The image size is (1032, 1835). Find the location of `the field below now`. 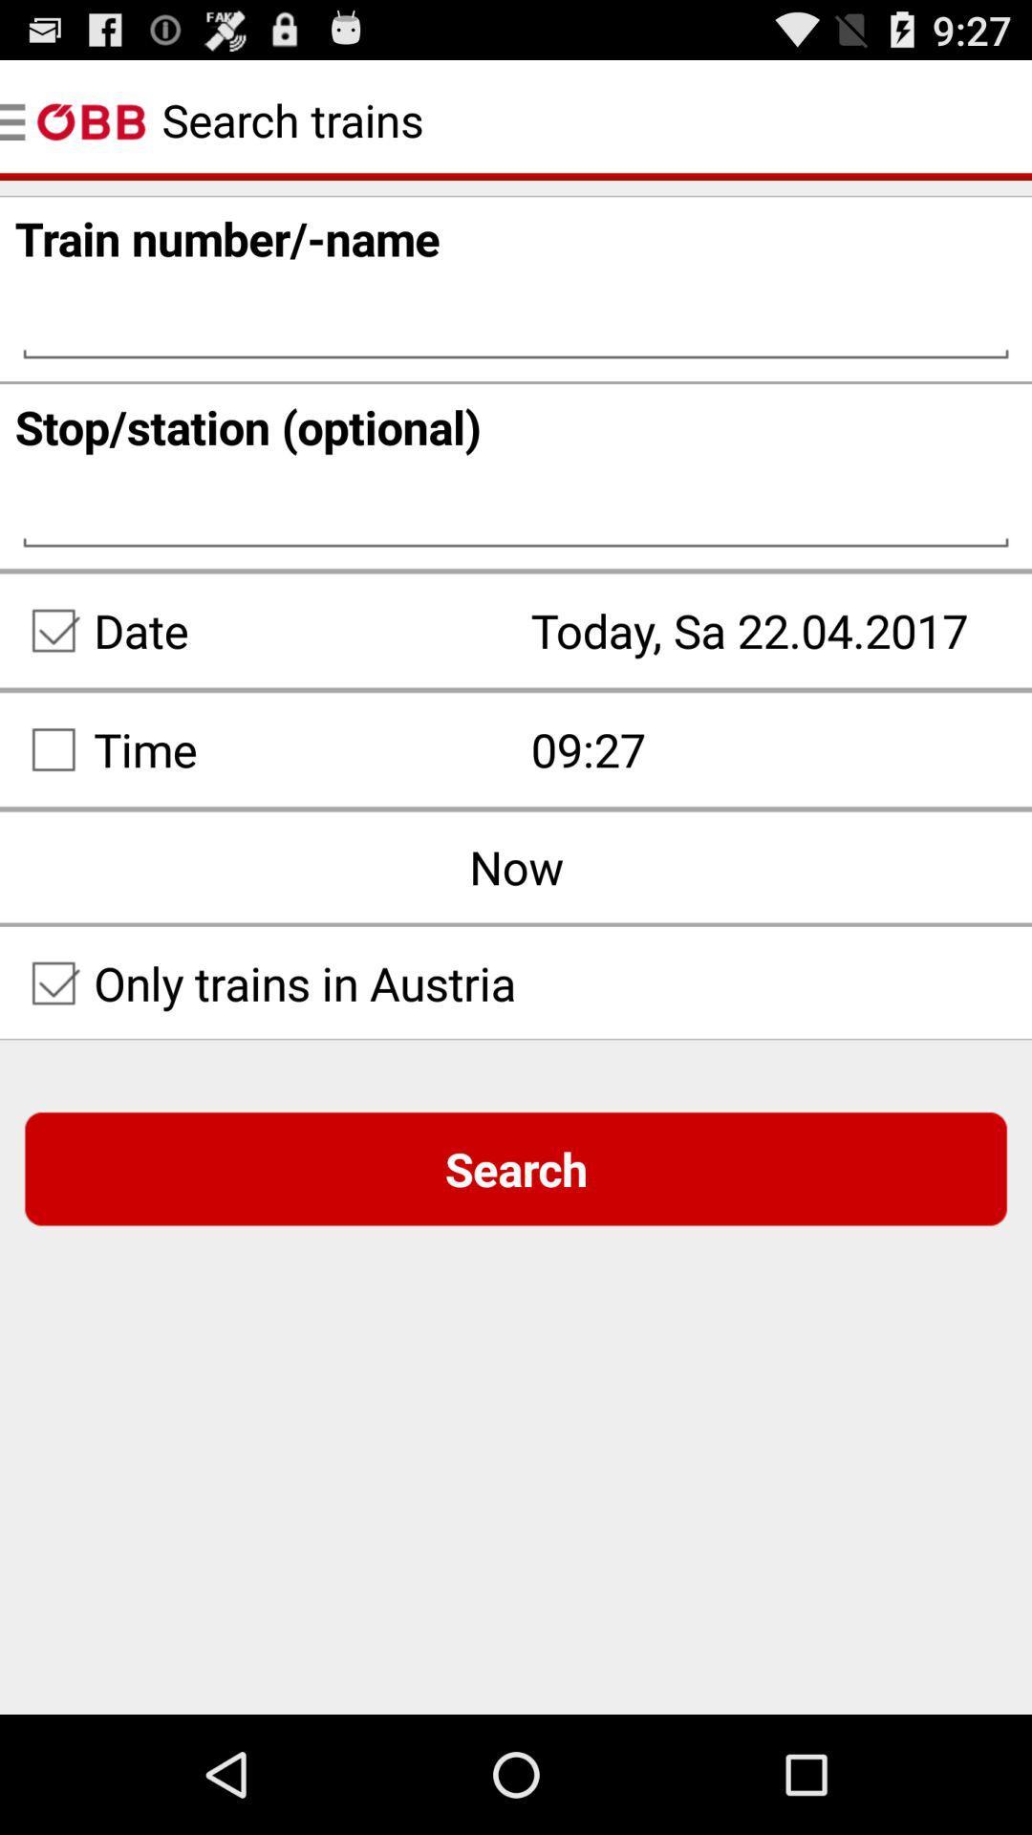

the field below now is located at coordinates (516, 982).